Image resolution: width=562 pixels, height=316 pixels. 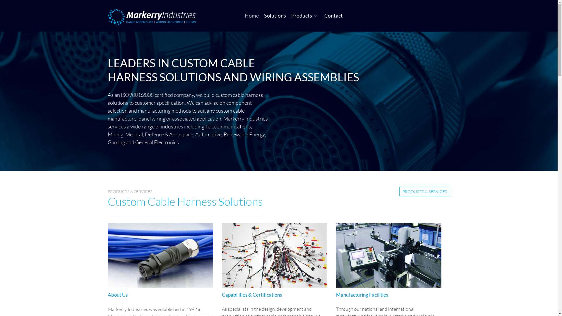 I want to click on 'Products', so click(x=304, y=15).